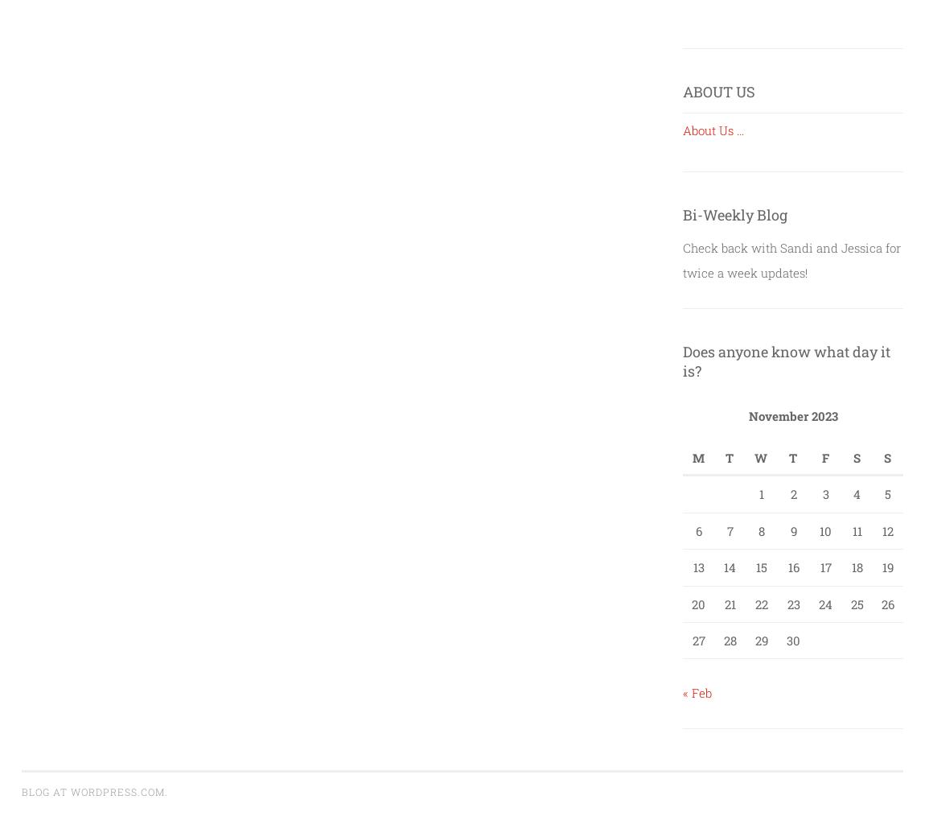 Image resolution: width=925 pixels, height=816 pixels. What do you see at coordinates (886, 493) in the screenshot?
I see `'5'` at bounding box center [886, 493].